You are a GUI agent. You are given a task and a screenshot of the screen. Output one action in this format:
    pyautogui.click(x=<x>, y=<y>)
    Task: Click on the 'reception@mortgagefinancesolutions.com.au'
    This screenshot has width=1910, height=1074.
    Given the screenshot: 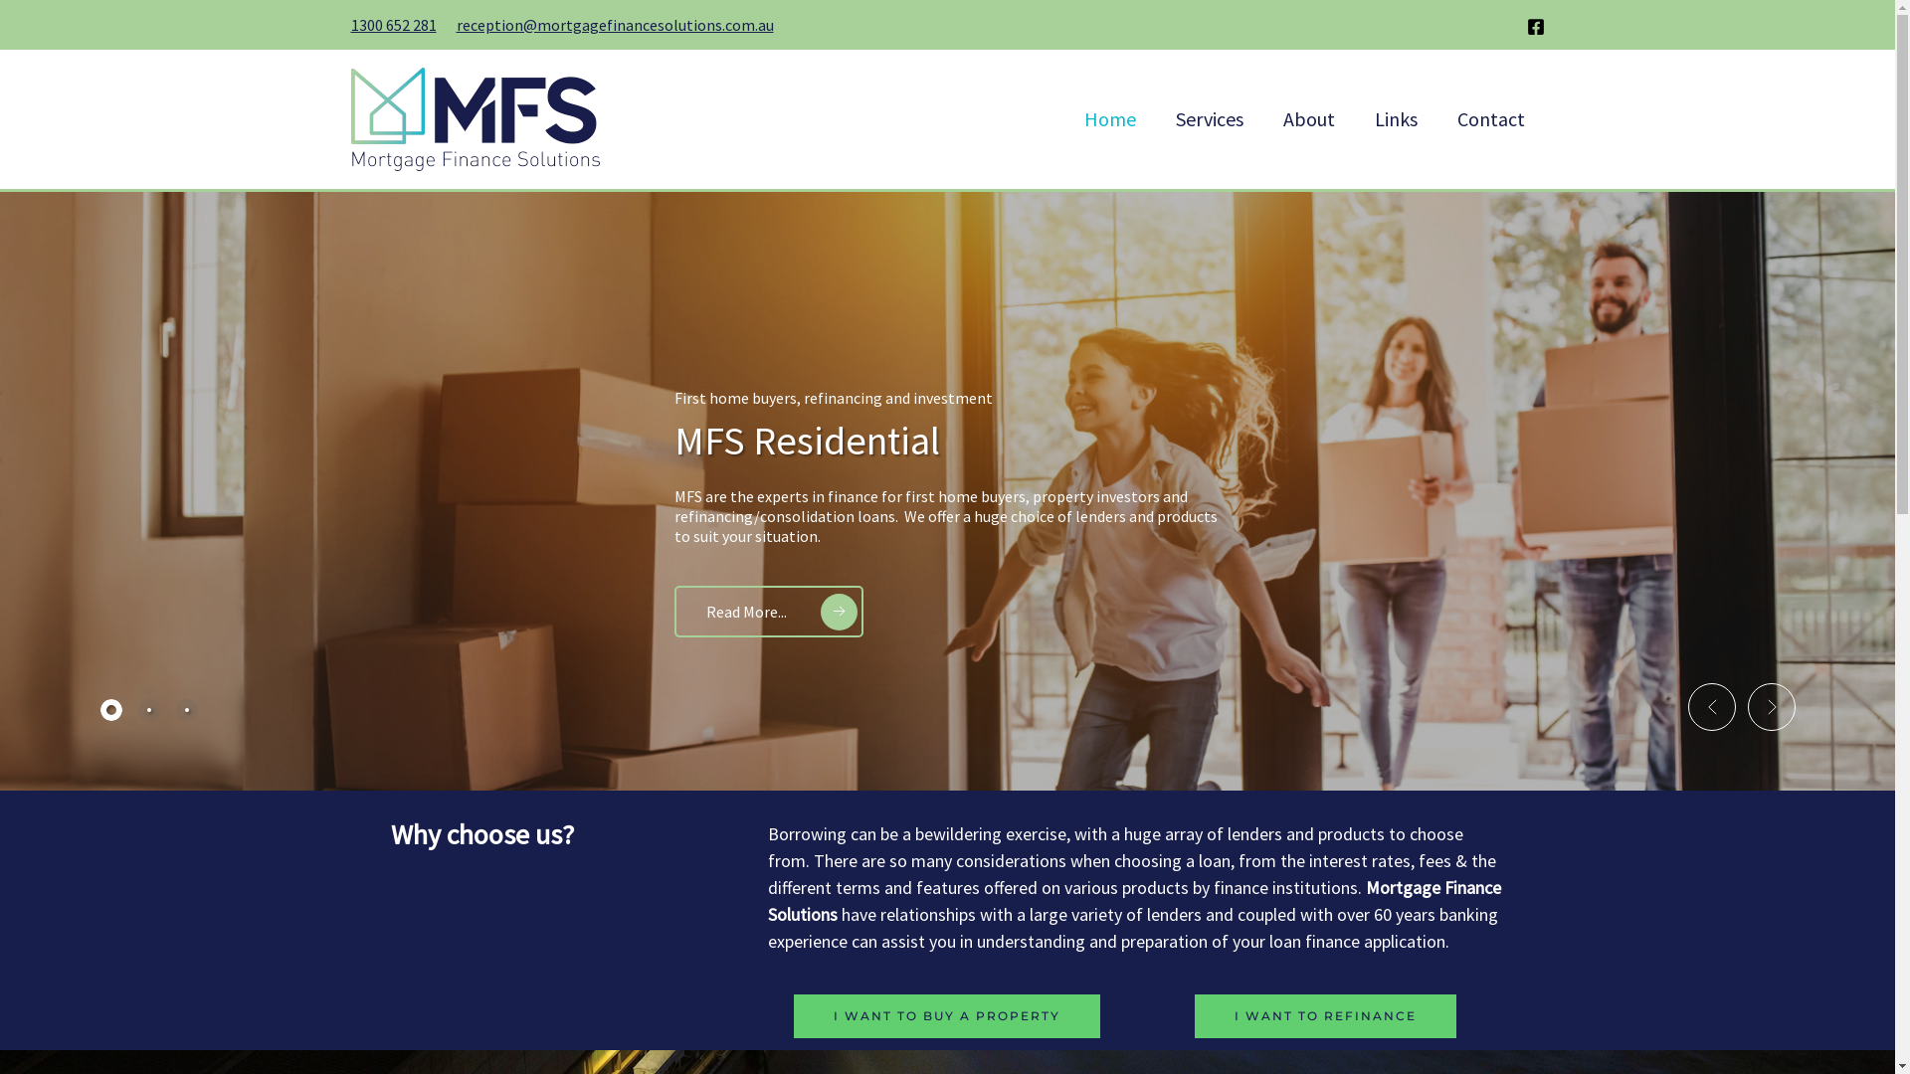 What is the action you would take?
    pyautogui.click(x=454, y=24)
    